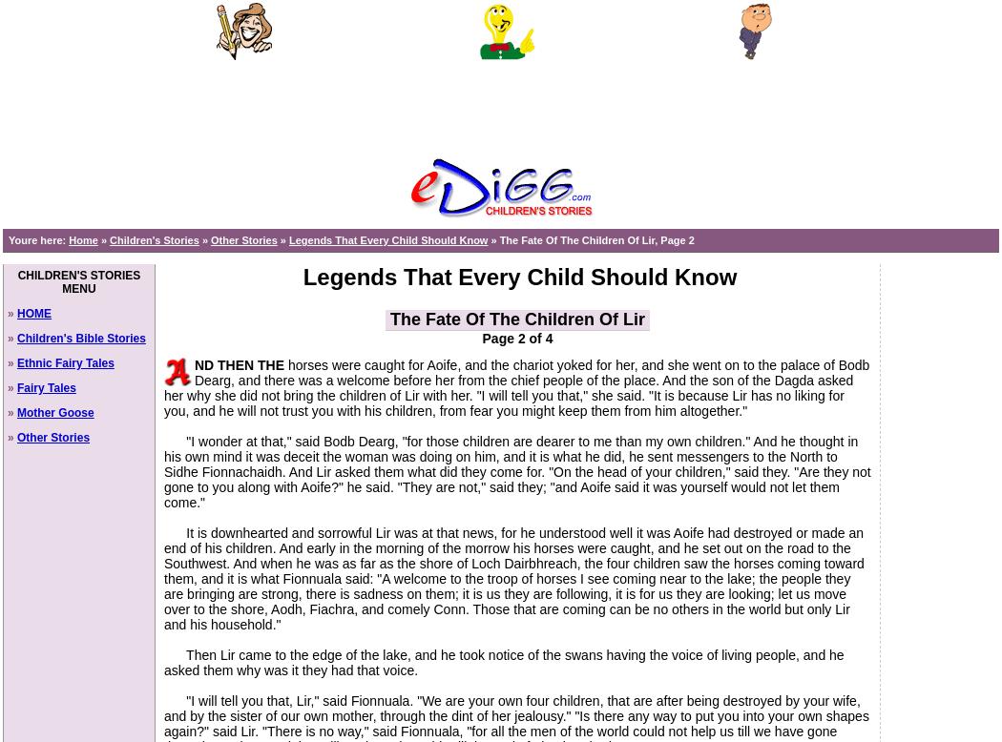 The image size is (1002, 742). I want to click on 'Ethnic Fairy Tales', so click(64, 361).